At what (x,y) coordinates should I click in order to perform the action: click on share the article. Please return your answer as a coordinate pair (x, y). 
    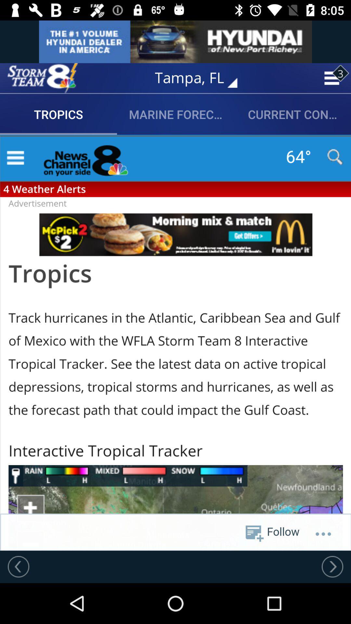
    Looking at the image, I should click on (175, 342).